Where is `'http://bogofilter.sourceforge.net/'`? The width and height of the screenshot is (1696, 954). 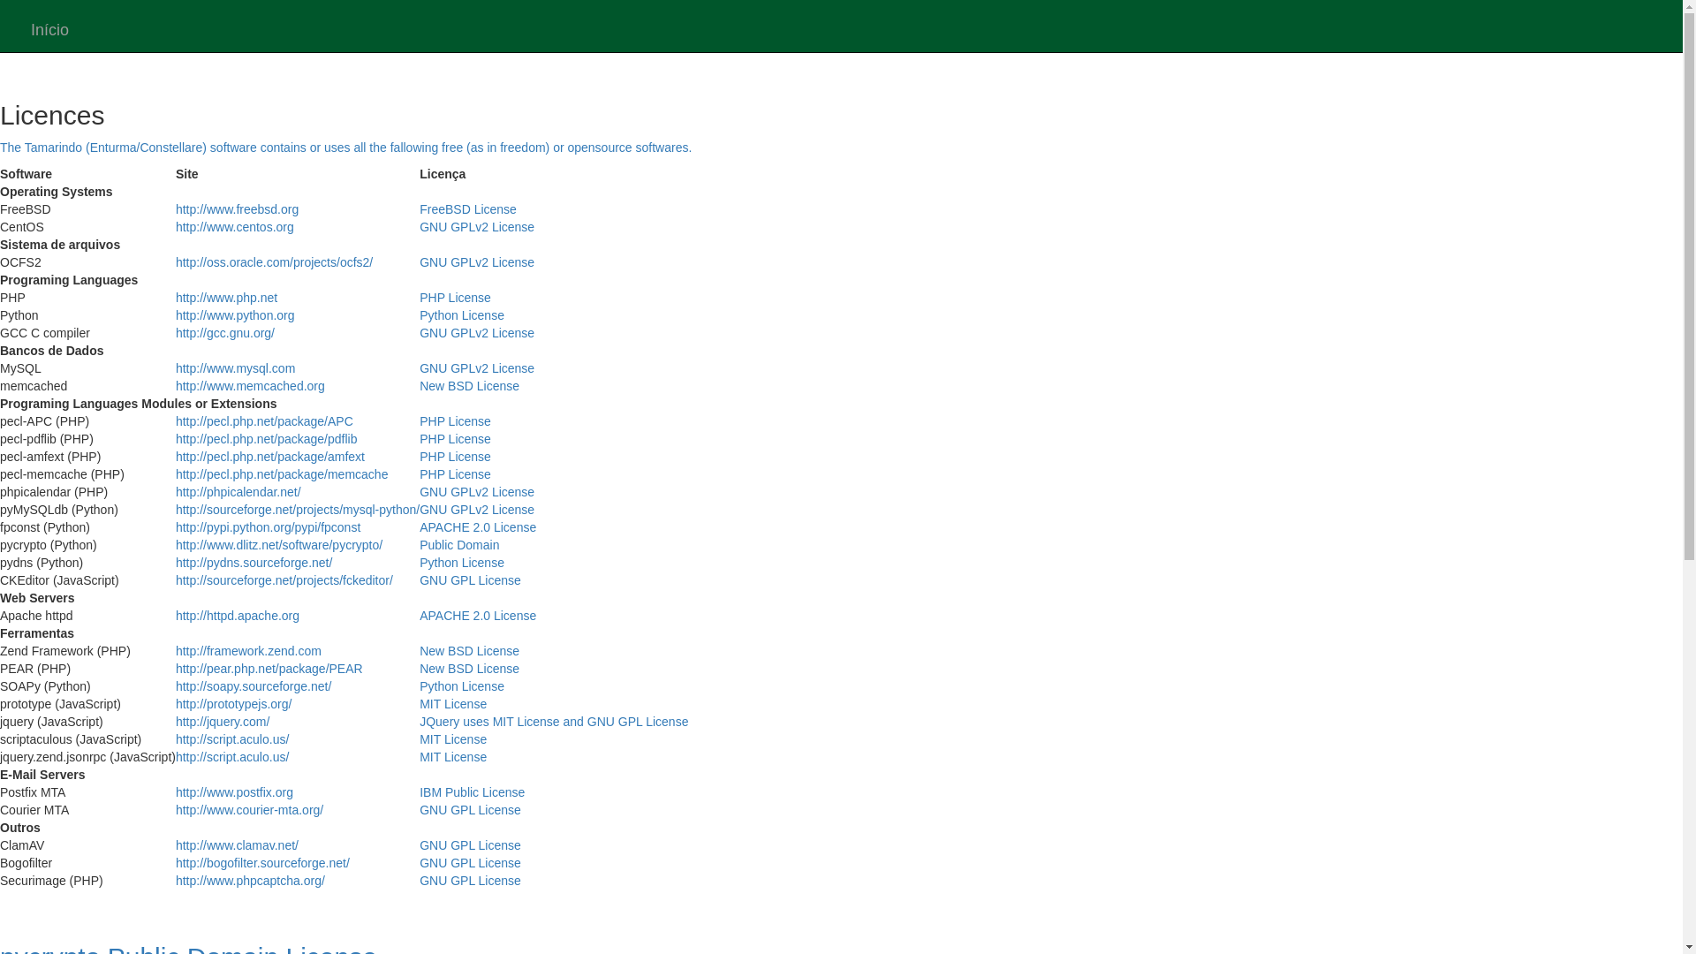 'http://bogofilter.sourceforge.net/' is located at coordinates (261, 861).